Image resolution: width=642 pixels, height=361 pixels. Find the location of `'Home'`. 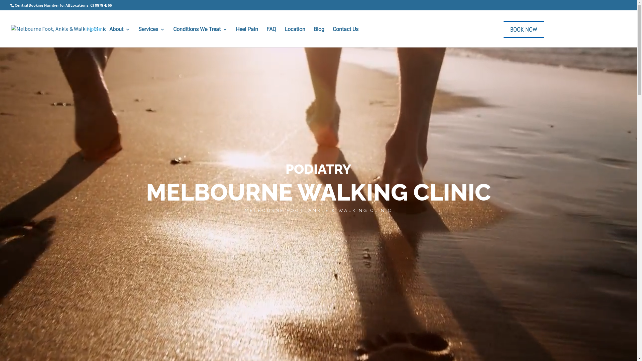

'Home' is located at coordinates (94, 36).